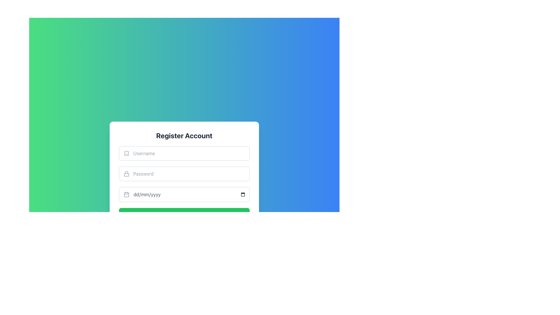 The width and height of the screenshot is (560, 315). Describe the element at coordinates (126, 174) in the screenshot. I see `the security icon located to the left of the password input field, which indicates that the input field is secure or related to passwords` at that location.